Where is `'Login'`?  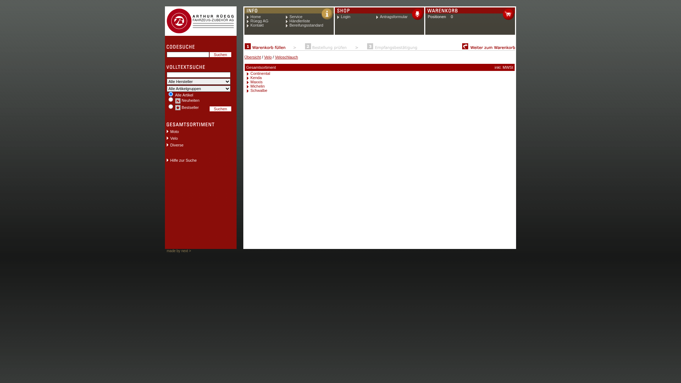 'Login' is located at coordinates (357, 16).